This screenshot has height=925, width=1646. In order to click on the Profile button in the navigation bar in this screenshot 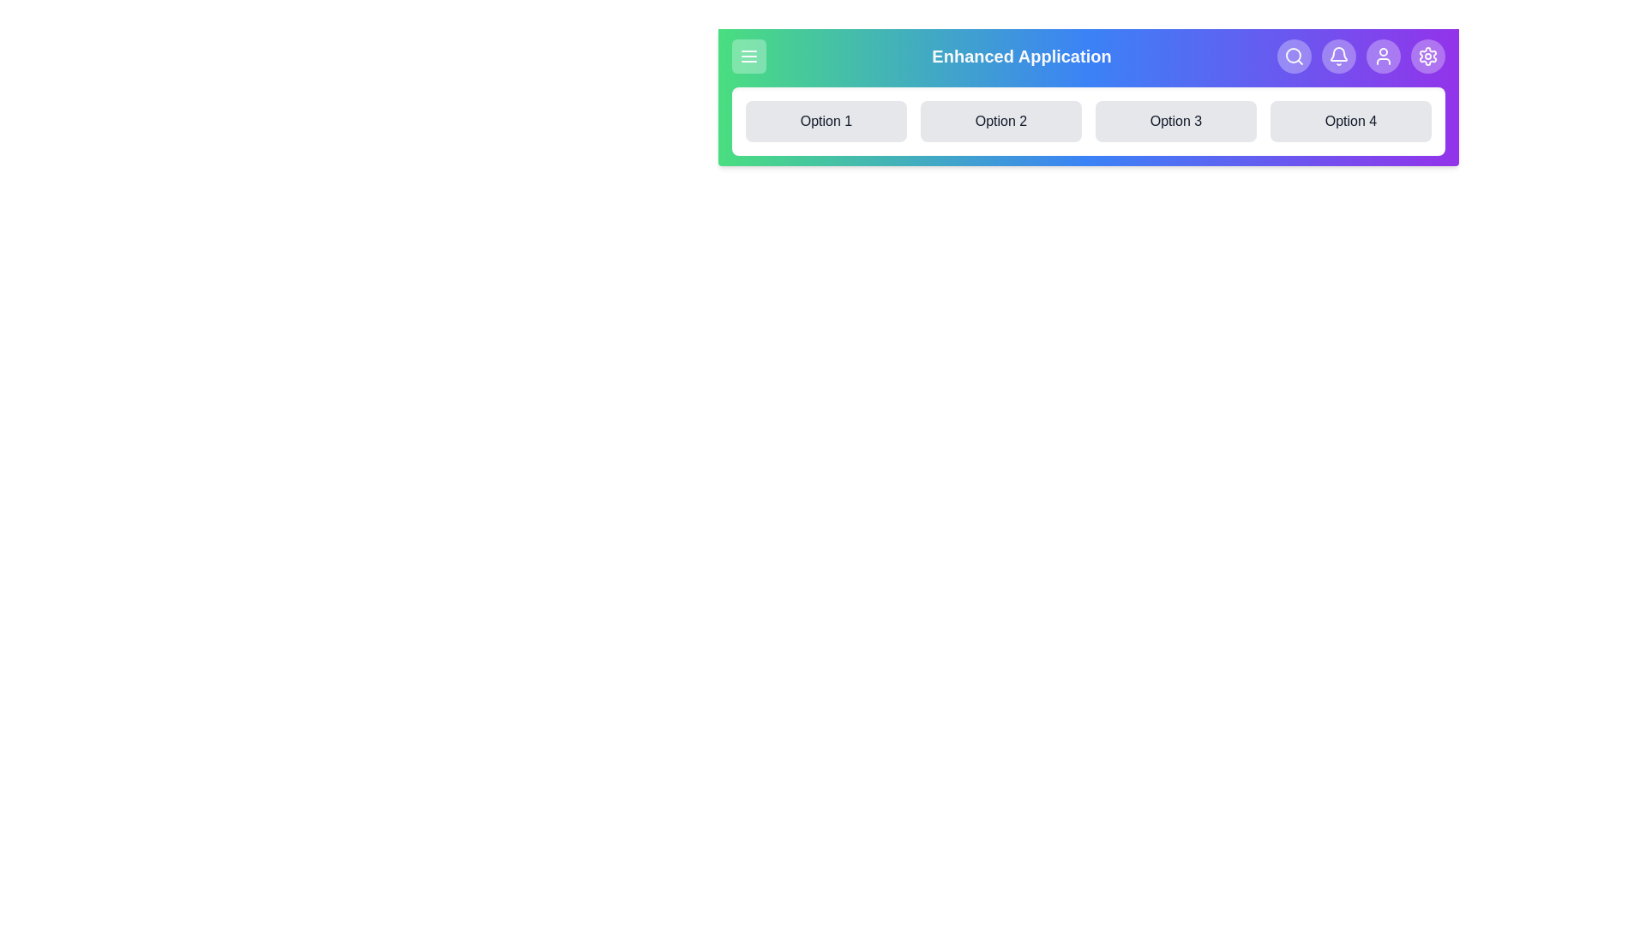, I will do `click(1383, 55)`.